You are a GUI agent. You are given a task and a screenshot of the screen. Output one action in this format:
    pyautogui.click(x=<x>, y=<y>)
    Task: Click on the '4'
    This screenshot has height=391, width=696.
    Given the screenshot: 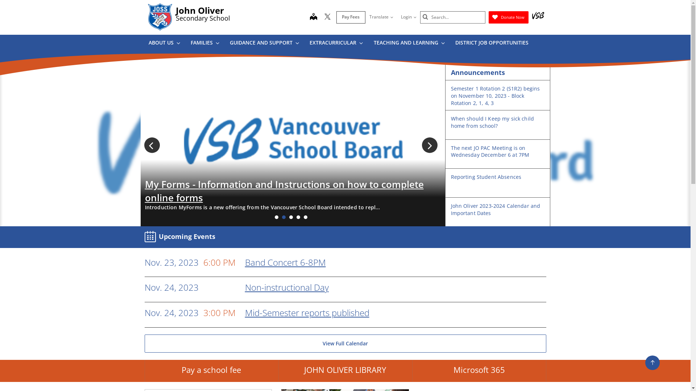 What is the action you would take?
    pyautogui.click(x=296, y=217)
    